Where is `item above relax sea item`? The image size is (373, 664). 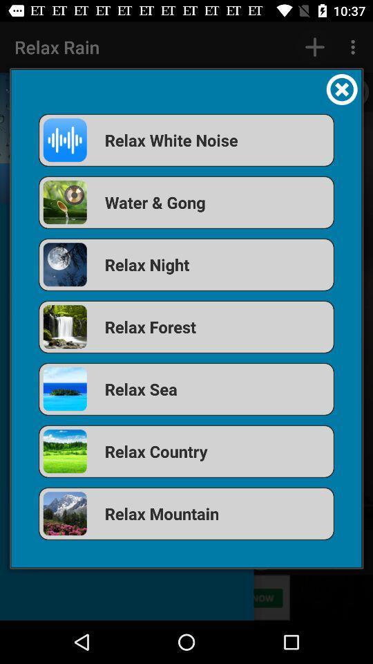
item above relax sea item is located at coordinates (186, 326).